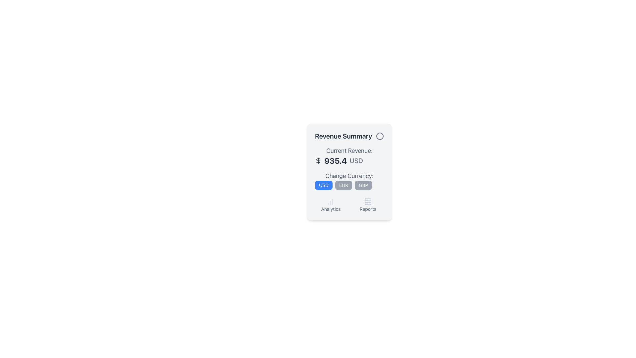 The image size is (636, 358). What do you see at coordinates (349, 176) in the screenshot?
I see `the descriptive heading text label located at the center of the card component, which indicates the purpose of the currency selectors below it` at bounding box center [349, 176].